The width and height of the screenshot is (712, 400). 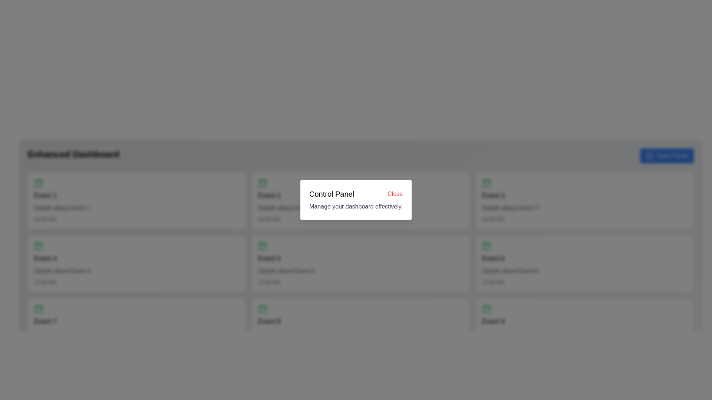 What do you see at coordinates (356, 194) in the screenshot?
I see `the Header bar titled 'Control Panel' which contains the 'Close' button on the right side in red text` at bounding box center [356, 194].